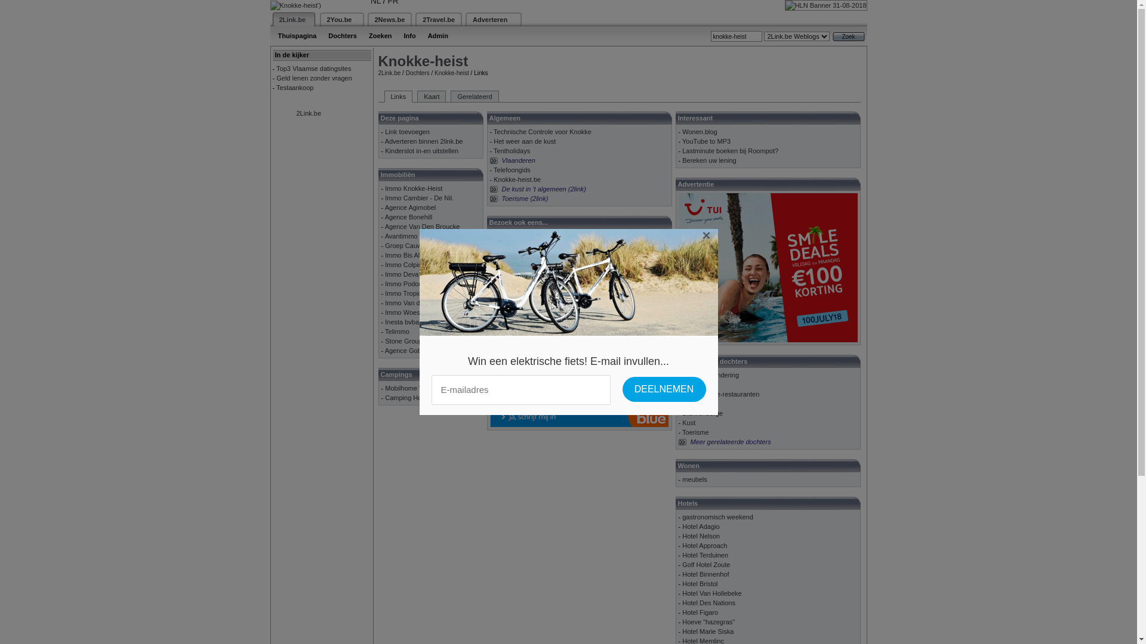  I want to click on 'Hotel Van Hollebeke', so click(711, 593).